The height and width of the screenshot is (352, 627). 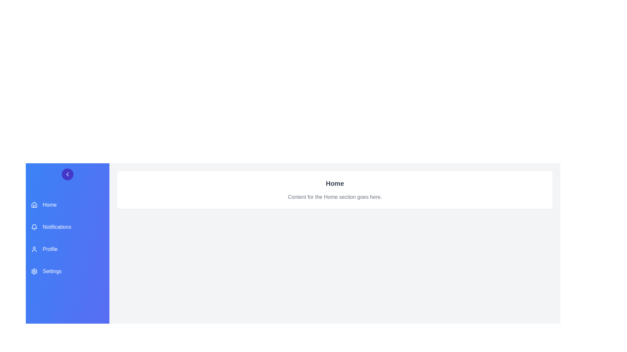 I want to click on the gear icon in the sidebar menu, which is adjacent to the 'Settings' text label, so click(x=34, y=271).